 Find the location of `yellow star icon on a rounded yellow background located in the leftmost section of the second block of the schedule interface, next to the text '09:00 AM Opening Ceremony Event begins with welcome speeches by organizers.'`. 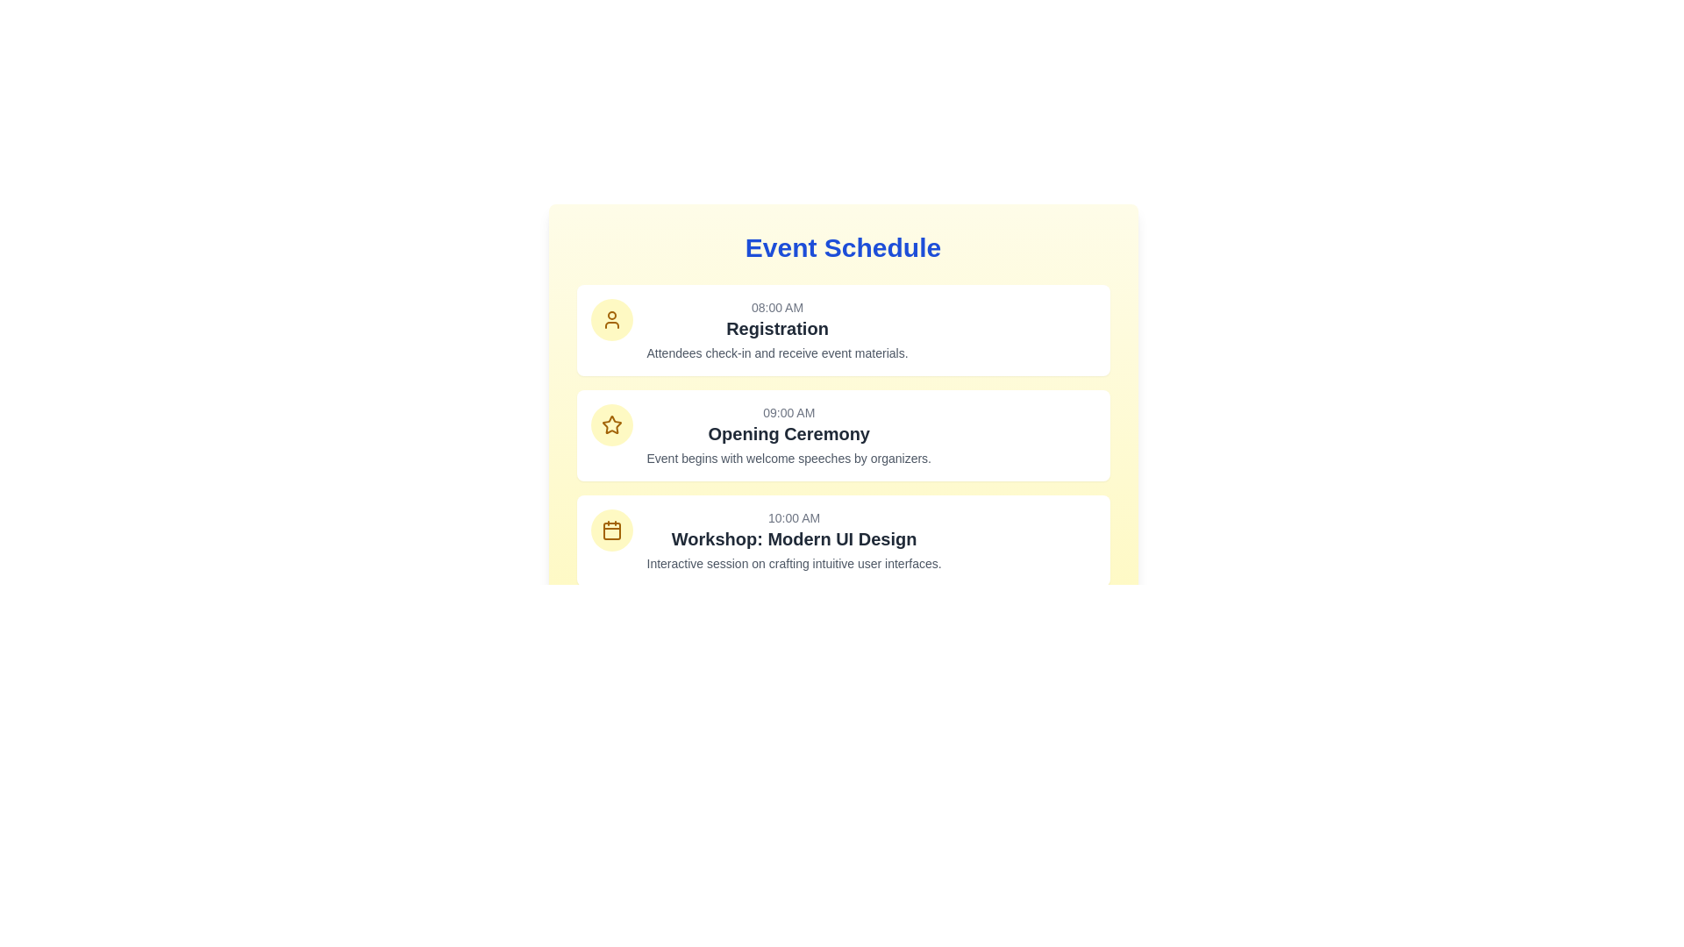

yellow star icon on a rounded yellow background located in the leftmost section of the second block of the schedule interface, next to the text '09:00 AM Opening Ceremony Event begins with welcome speeches by organizers.' is located at coordinates (611, 425).